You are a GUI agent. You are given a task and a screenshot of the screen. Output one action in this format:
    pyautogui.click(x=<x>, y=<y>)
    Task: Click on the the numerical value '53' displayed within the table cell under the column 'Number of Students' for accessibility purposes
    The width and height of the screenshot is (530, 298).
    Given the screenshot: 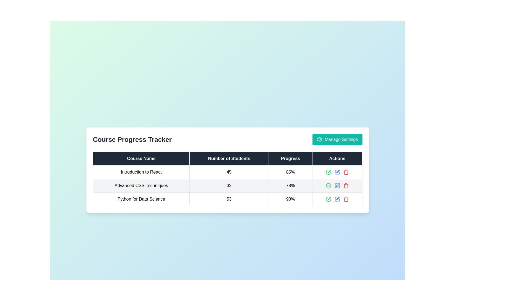 What is the action you would take?
    pyautogui.click(x=229, y=199)
    